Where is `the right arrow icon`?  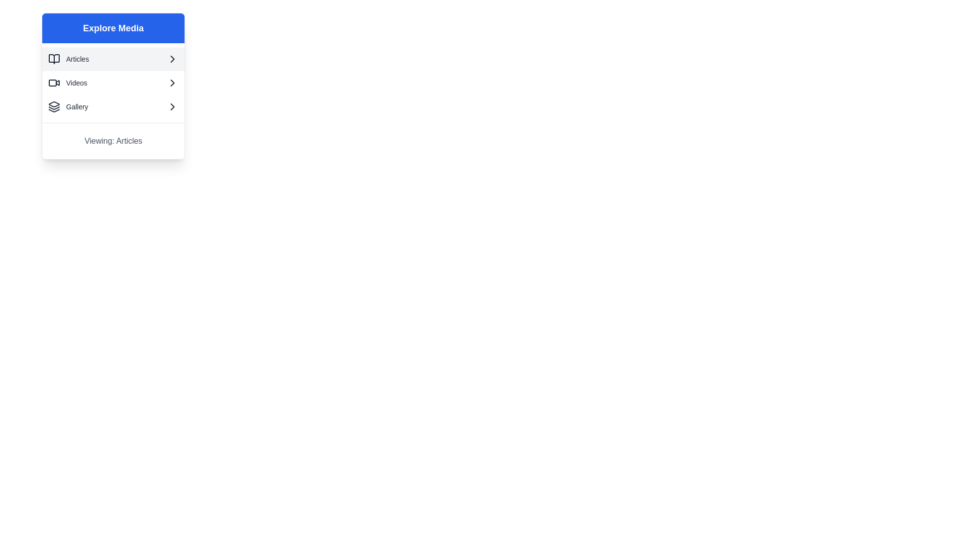 the right arrow icon is located at coordinates (172, 82).